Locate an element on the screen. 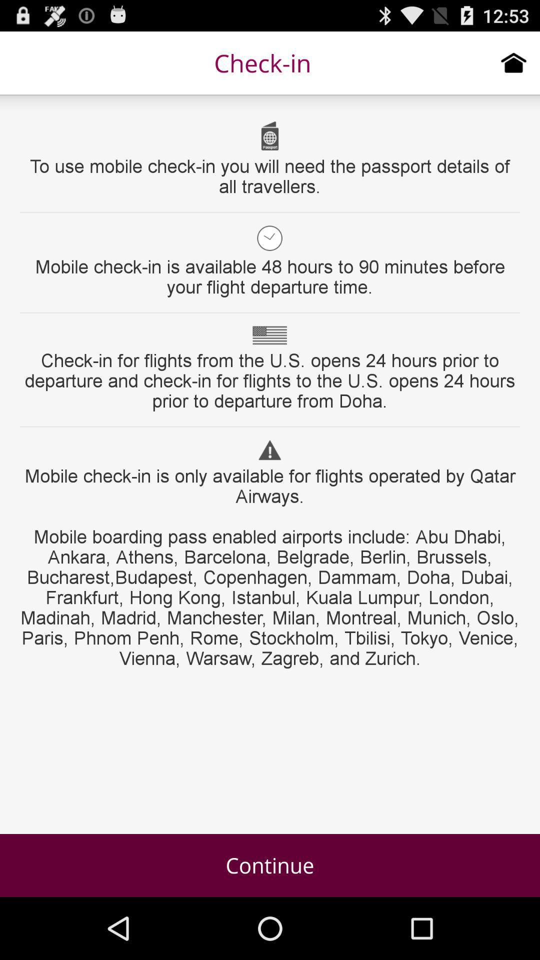 The height and width of the screenshot is (960, 540). the continue icon is located at coordinates (270, 865).